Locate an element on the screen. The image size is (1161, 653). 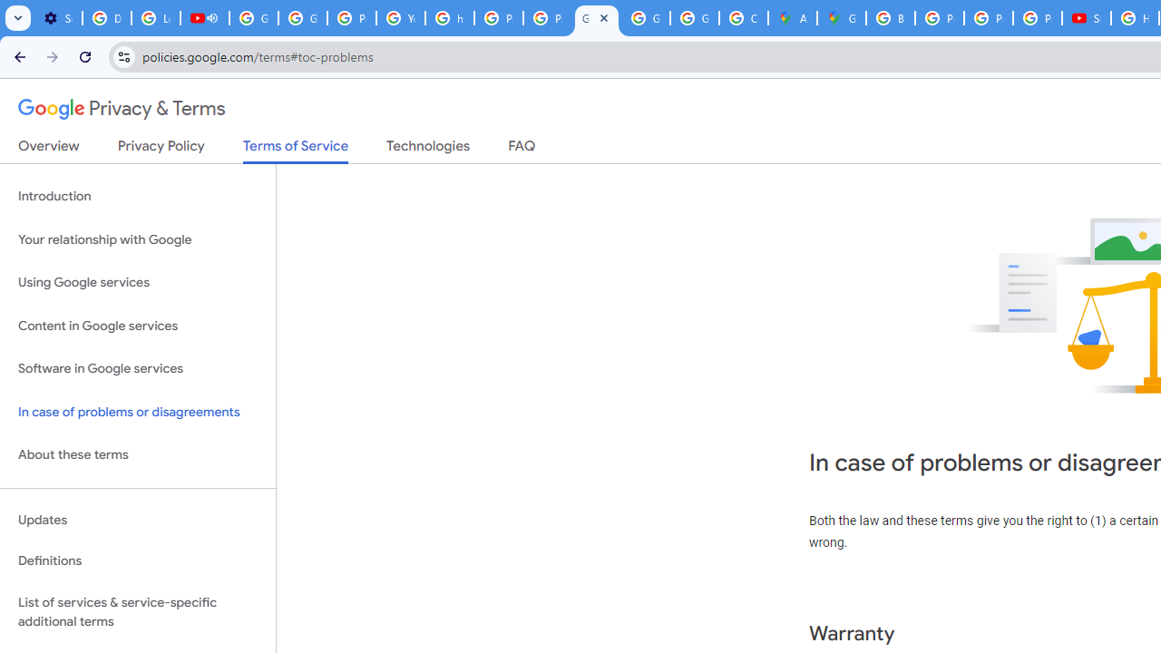
'Delete photos & videos - Computer - Google Photos Help' is located at coordinates (105, 18).